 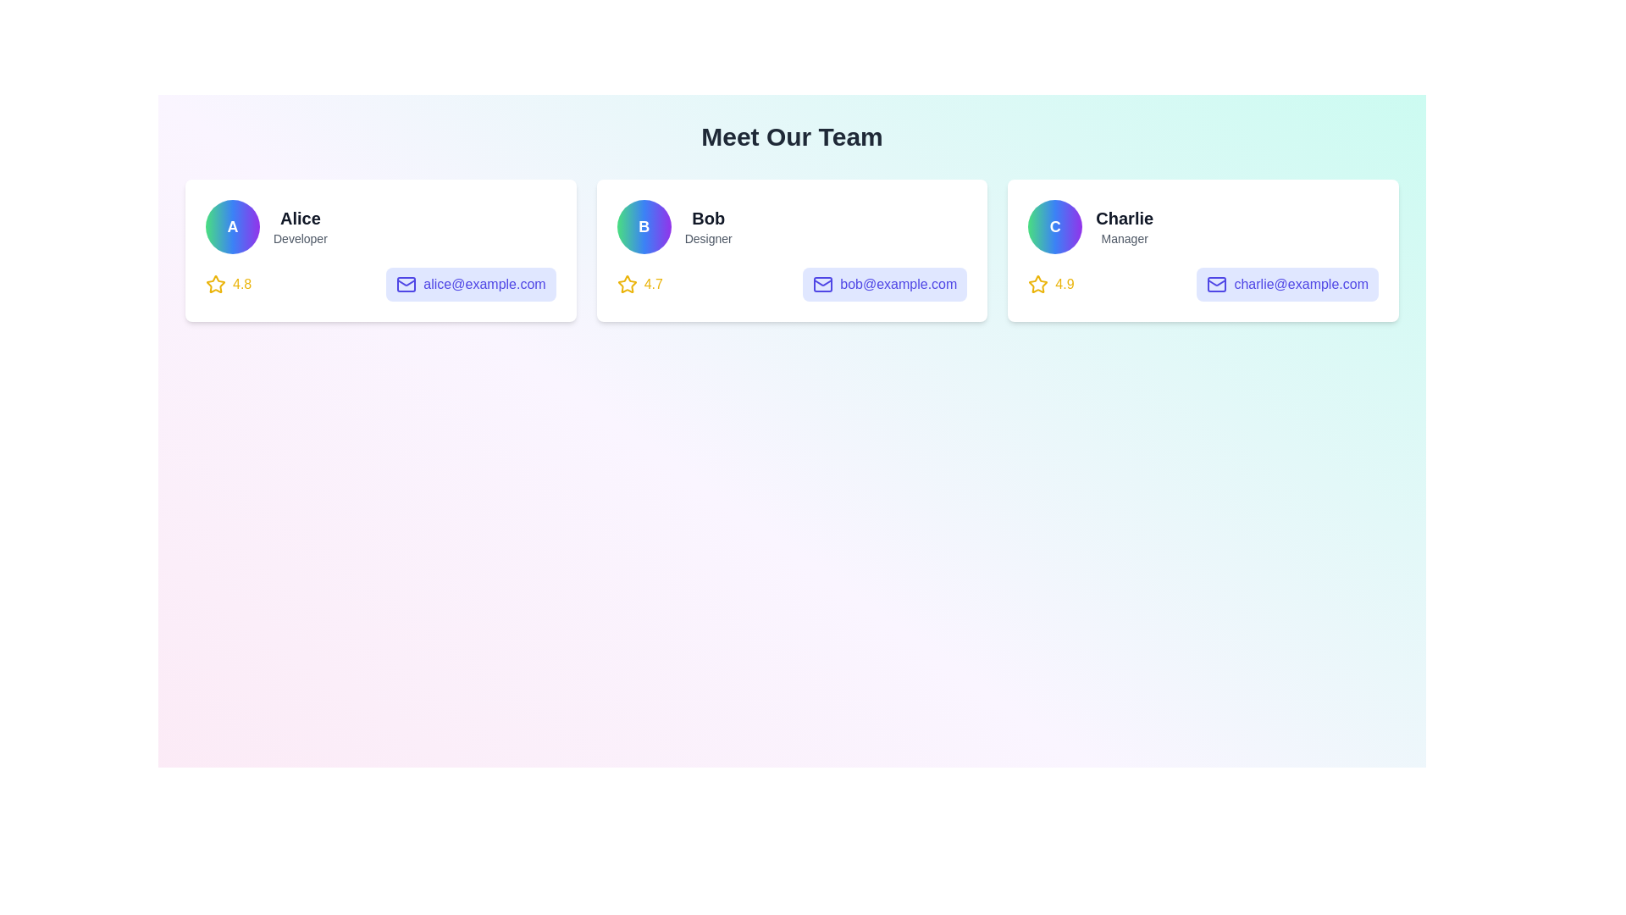 I want to click on the circular profile icon with a gradient background and the letter 'A' in the center, which is located at the leftmost side of the card displaying information about a person named Alice, so click(x=231, y=225).